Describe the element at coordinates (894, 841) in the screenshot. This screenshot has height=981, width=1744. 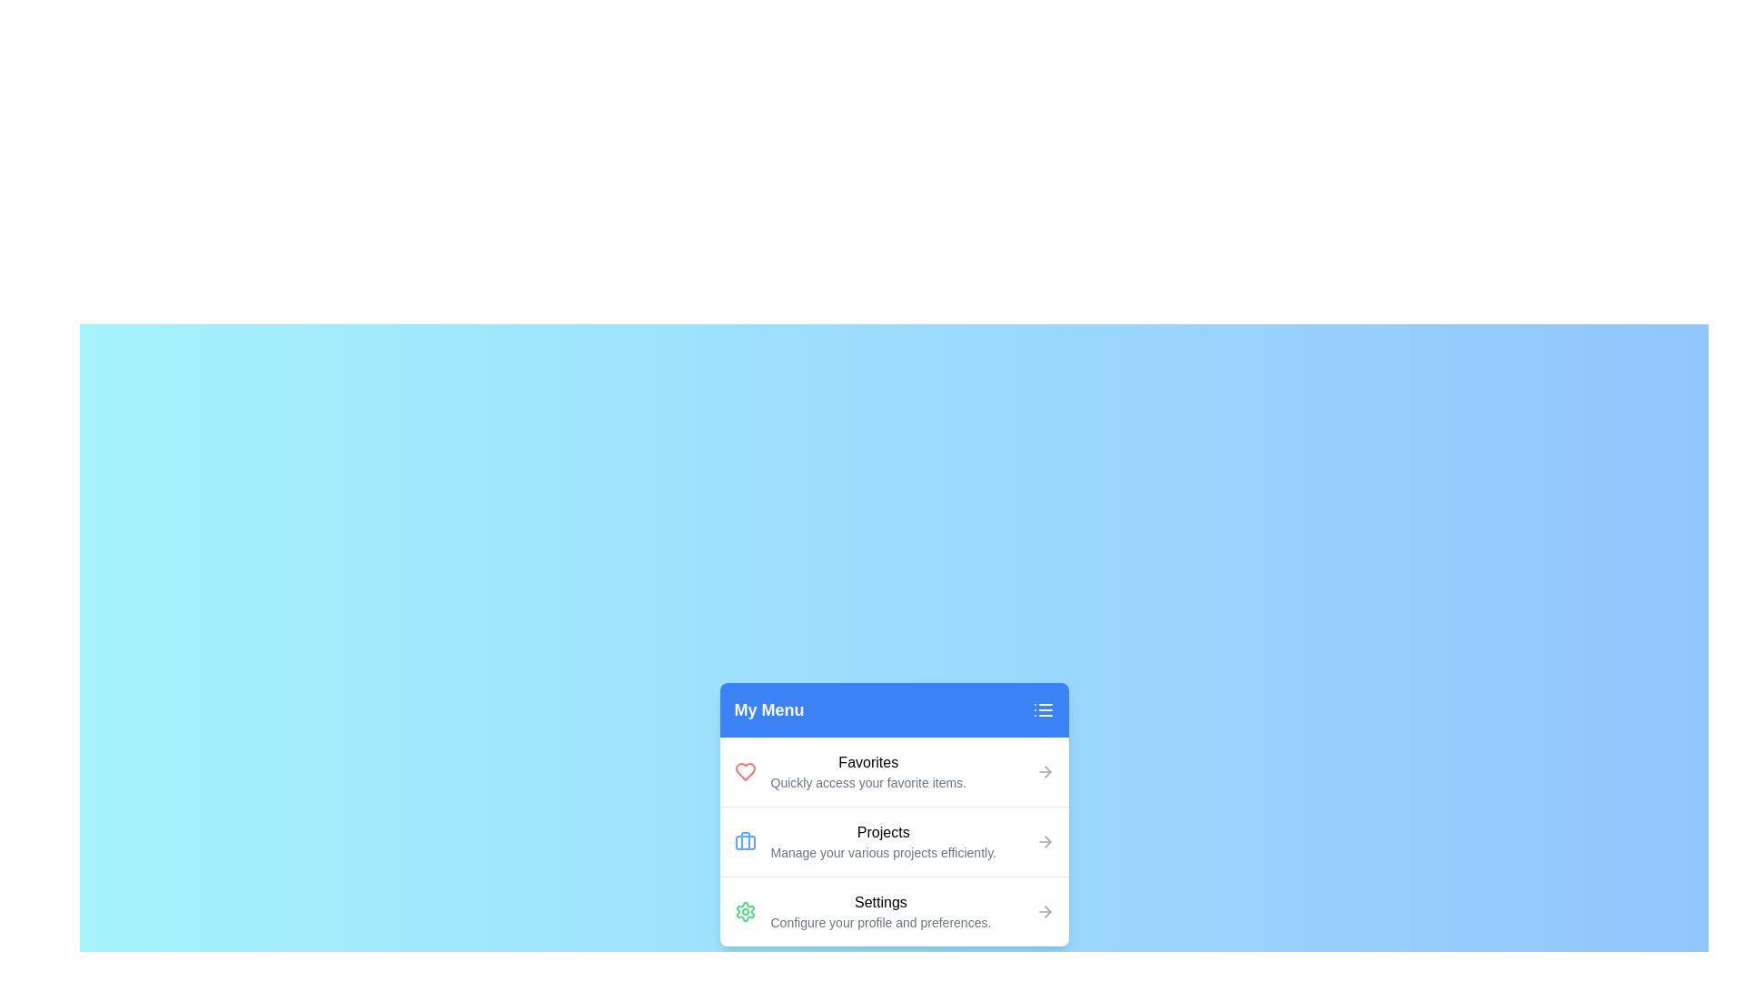
I see `the menu item Projects` at that location.